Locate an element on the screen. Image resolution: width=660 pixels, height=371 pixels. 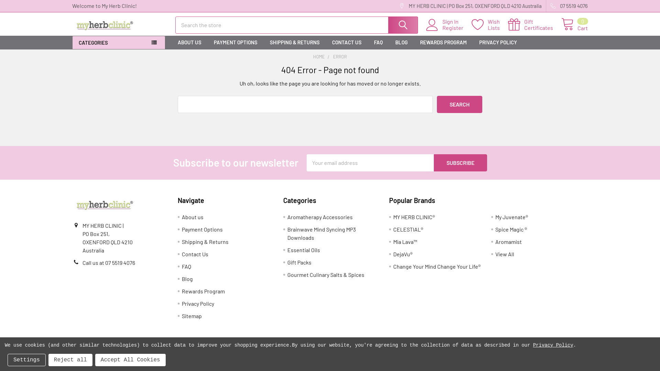
'REWARDS PROGRAM' is located at coordinates (443, 42).